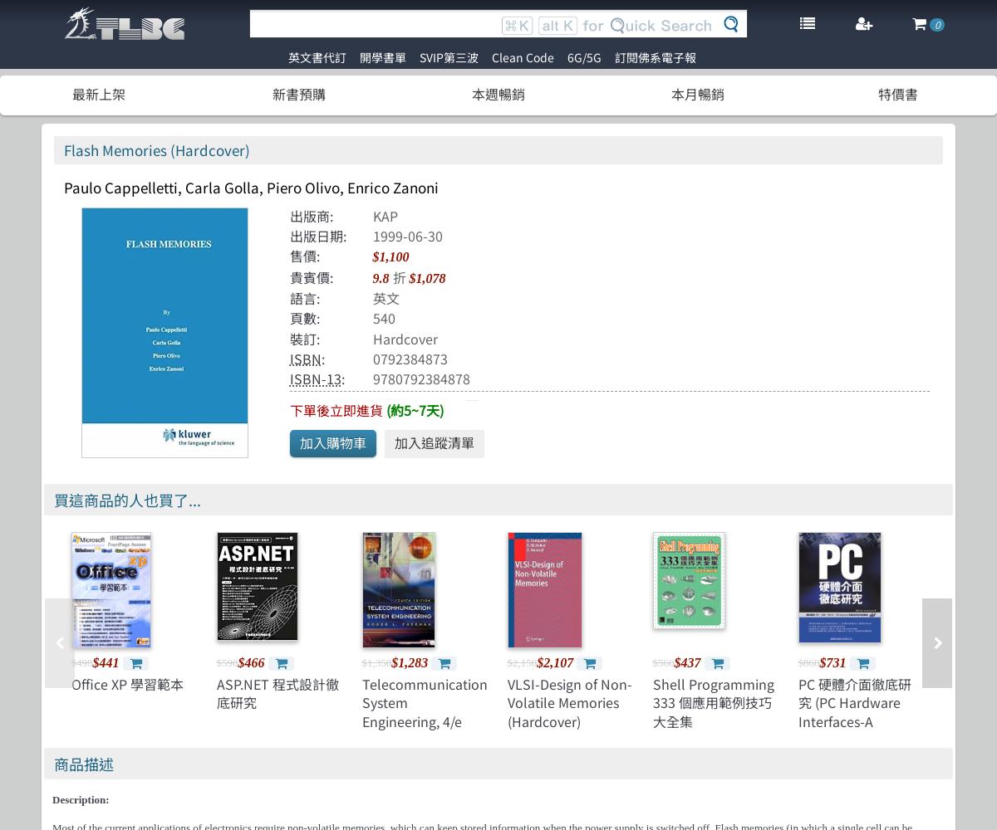 The image size is (997, 830). I want to click on '語言:', so click(304, 296).